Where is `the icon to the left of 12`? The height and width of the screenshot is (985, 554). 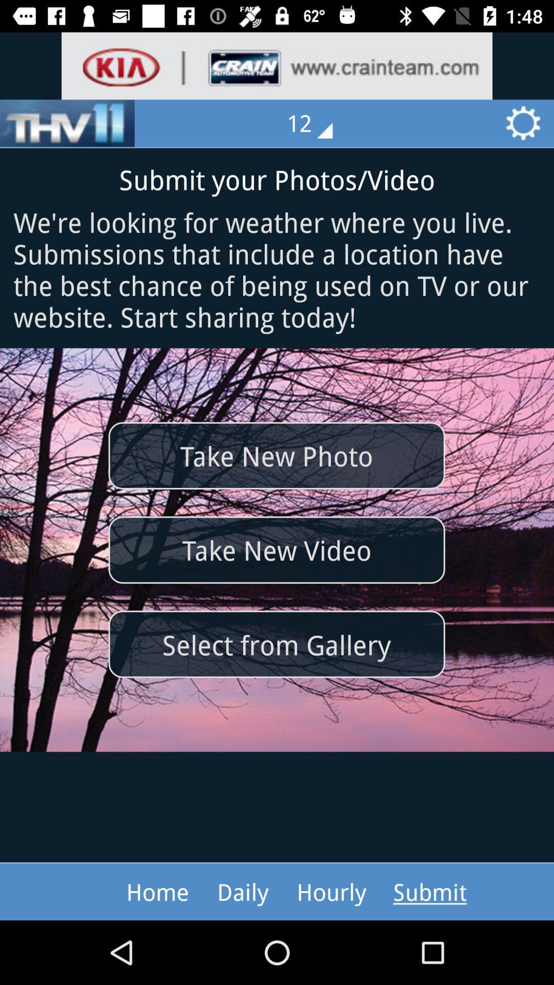 the icon to the left of 12 is located at coordinates (67, 123).